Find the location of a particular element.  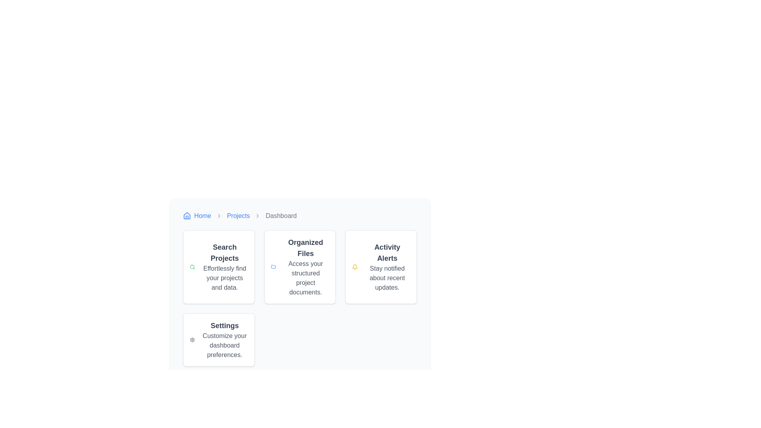

the 'Organized Files' icon located at the top-left corner of the card with the title 'Organized Files' and subtitle 'Access your structured project documents.' is located at coordinates (273, 267).